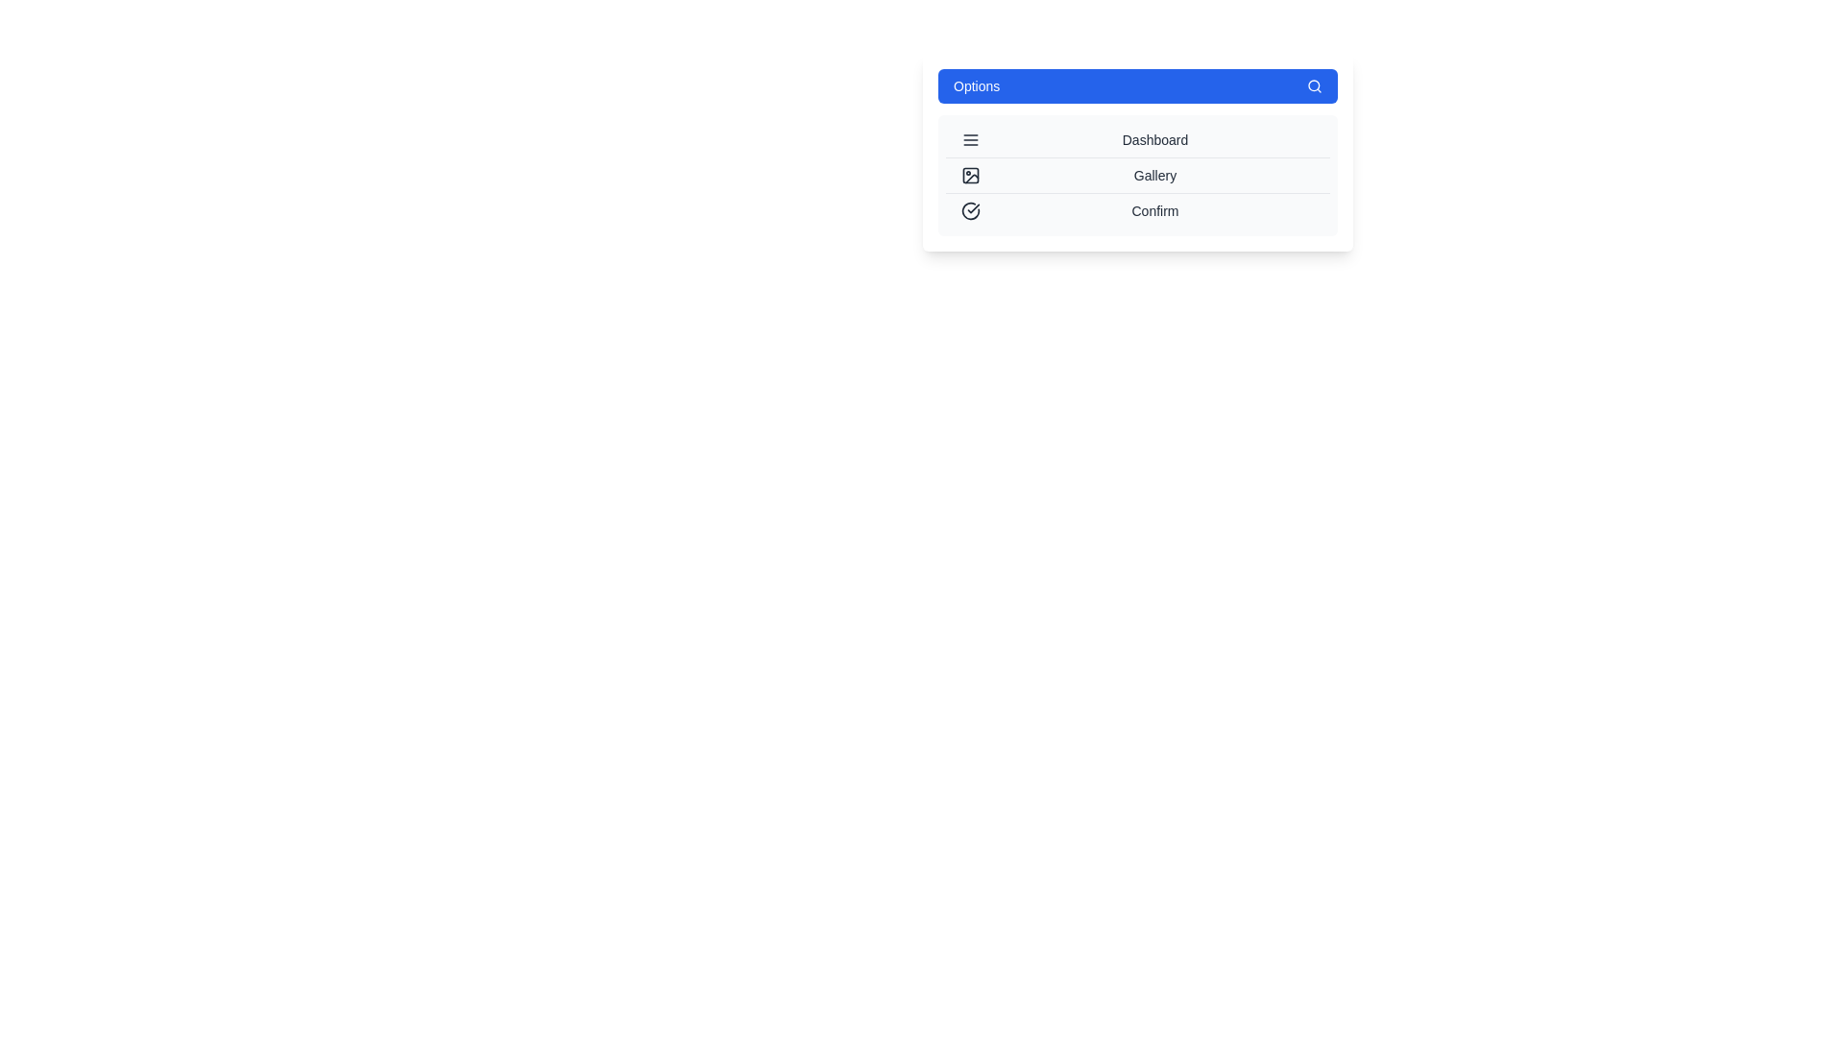 The image size is (1844, 1037). Describe the element at coordinates (971, 139) in the screenshot. I see `the icon corresponding to the menu item Dashboard` at that location.